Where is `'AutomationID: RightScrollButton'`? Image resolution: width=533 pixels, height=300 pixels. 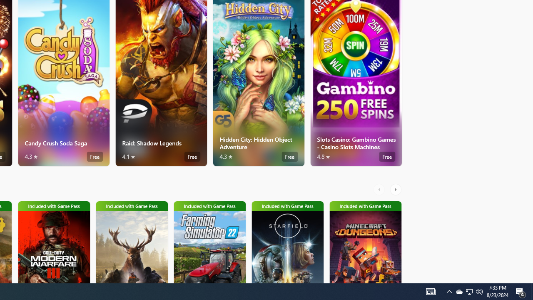
'AutomationID: RightScrollButton' is located at coordinates (396, 190).